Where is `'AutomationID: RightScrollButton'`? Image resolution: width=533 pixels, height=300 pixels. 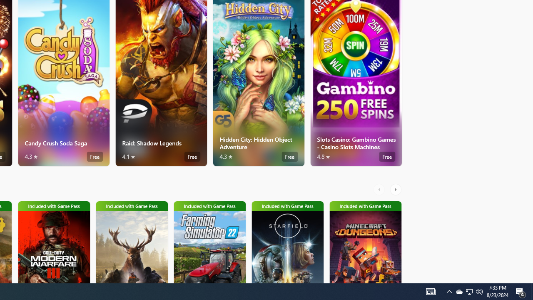
'AutomationID: RightScrollButton' is located at coordinates (396, 190).